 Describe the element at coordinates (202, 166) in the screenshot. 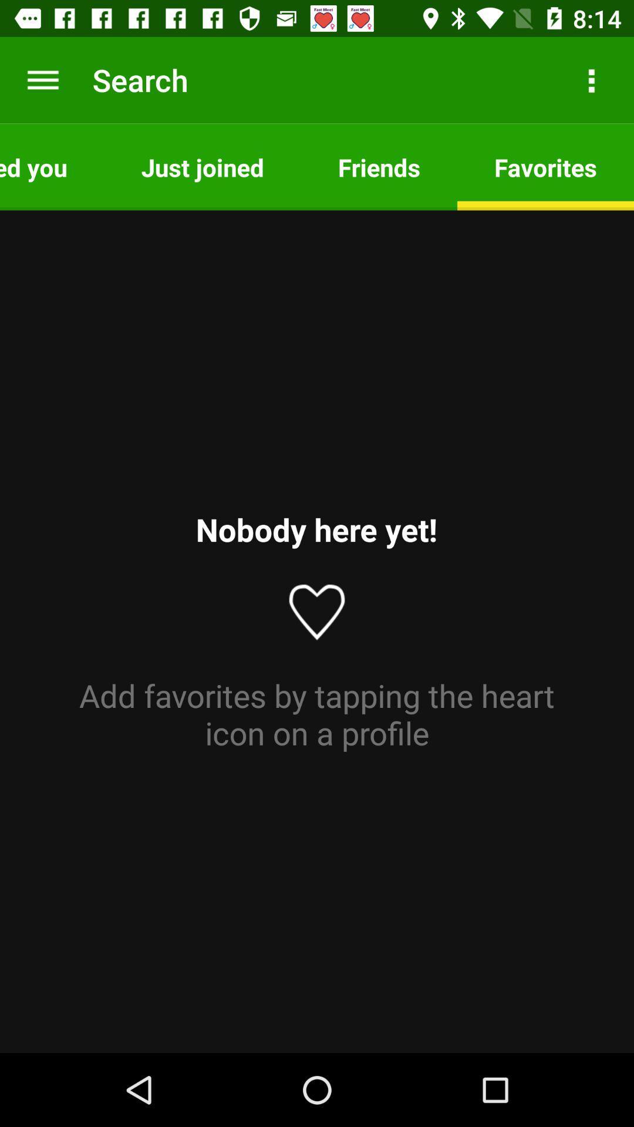

I see `the icon above the nobody here yet! app` at that location.